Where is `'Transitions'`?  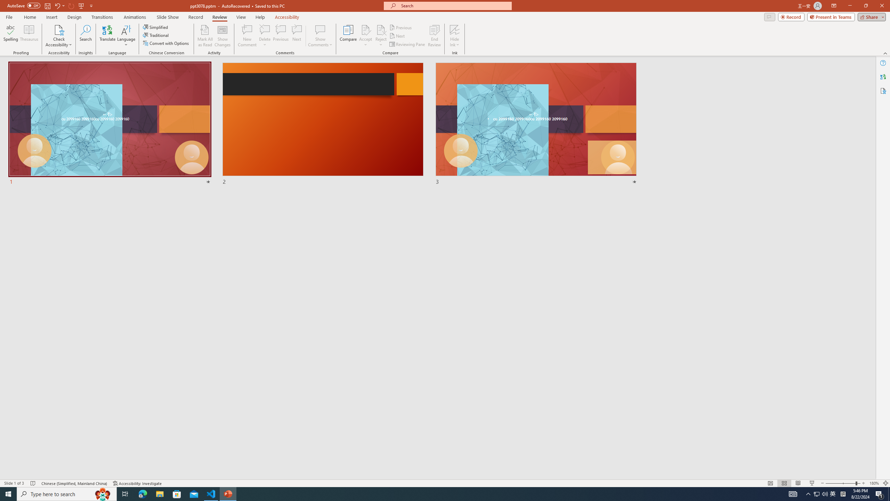 'Transitions' is located at coordinates (102, 17).